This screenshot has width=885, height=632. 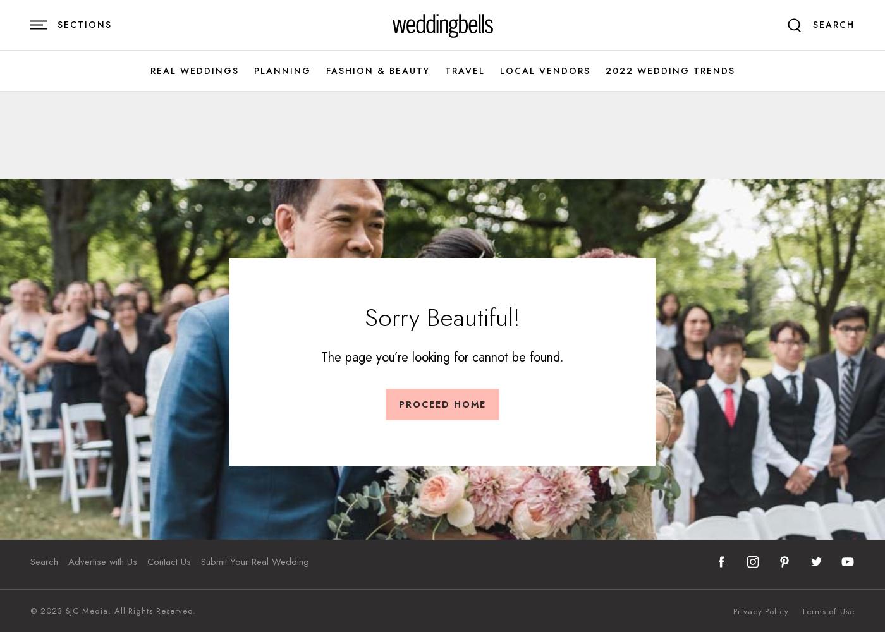 What do you see at coordinates (84, 25) in the screenshot?
I see `'Sections'` at bounding box center [84, 25].